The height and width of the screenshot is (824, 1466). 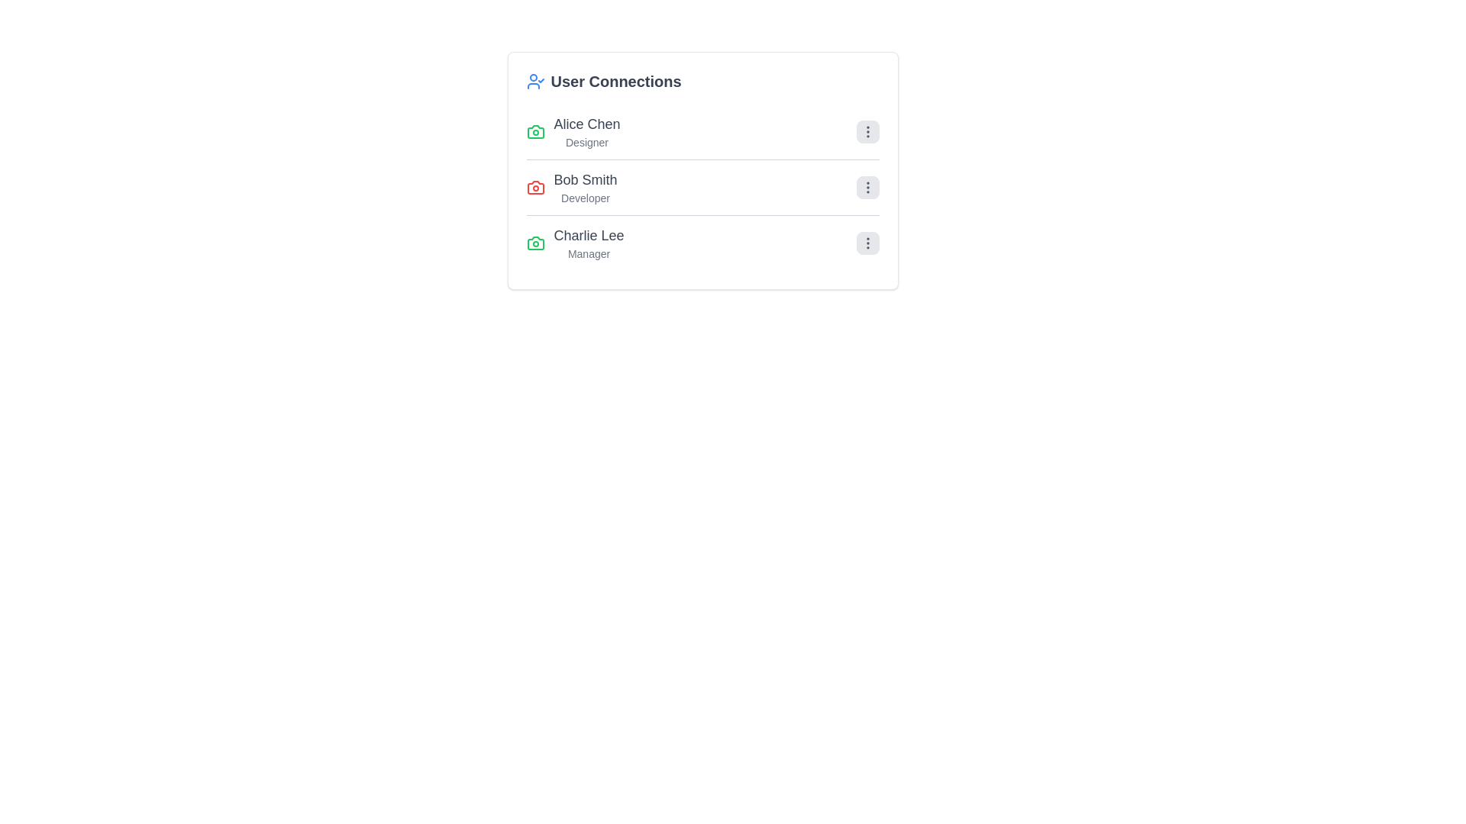 I want to click on the Text label displaying 'Charlie Lee', which is the third item in the vertically aligned list within the 'User Connections' card interface, so click(x=588, y=243).